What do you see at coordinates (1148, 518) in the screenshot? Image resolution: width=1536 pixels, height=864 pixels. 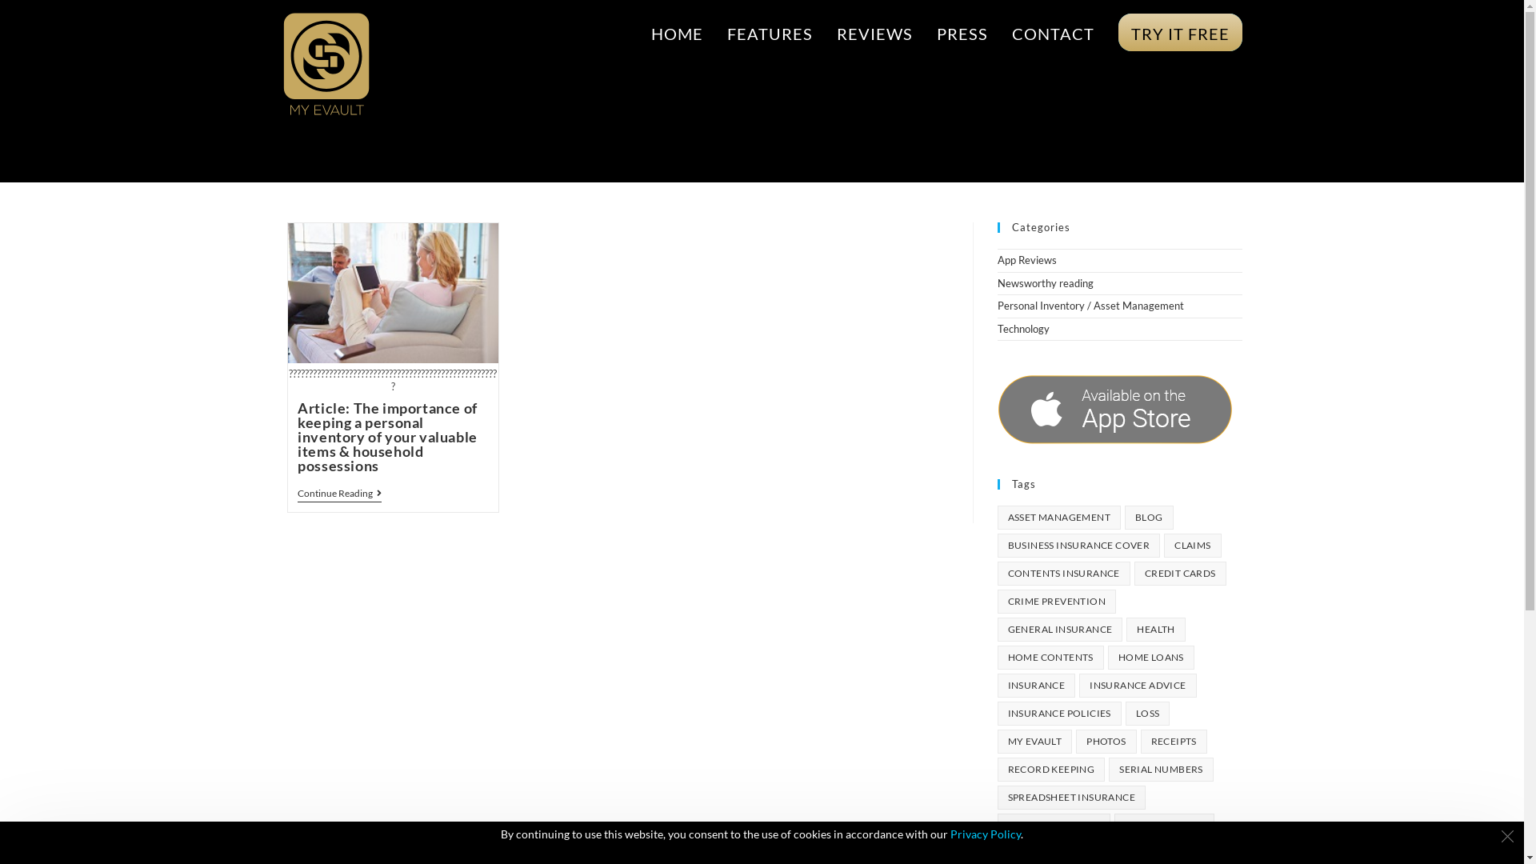 I see `'BLOG'` at bounding box center [1148, 518].